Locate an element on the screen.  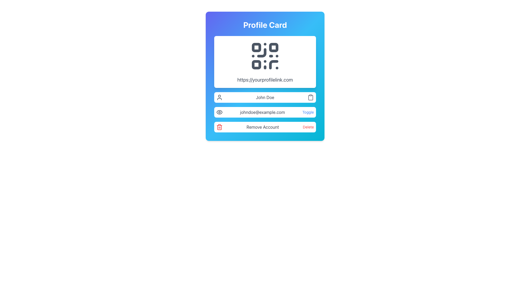
the 'Profile Card' static text label, which is a large, bold text element centered at the top of a gradient card background is located at coordinates (265, 25).